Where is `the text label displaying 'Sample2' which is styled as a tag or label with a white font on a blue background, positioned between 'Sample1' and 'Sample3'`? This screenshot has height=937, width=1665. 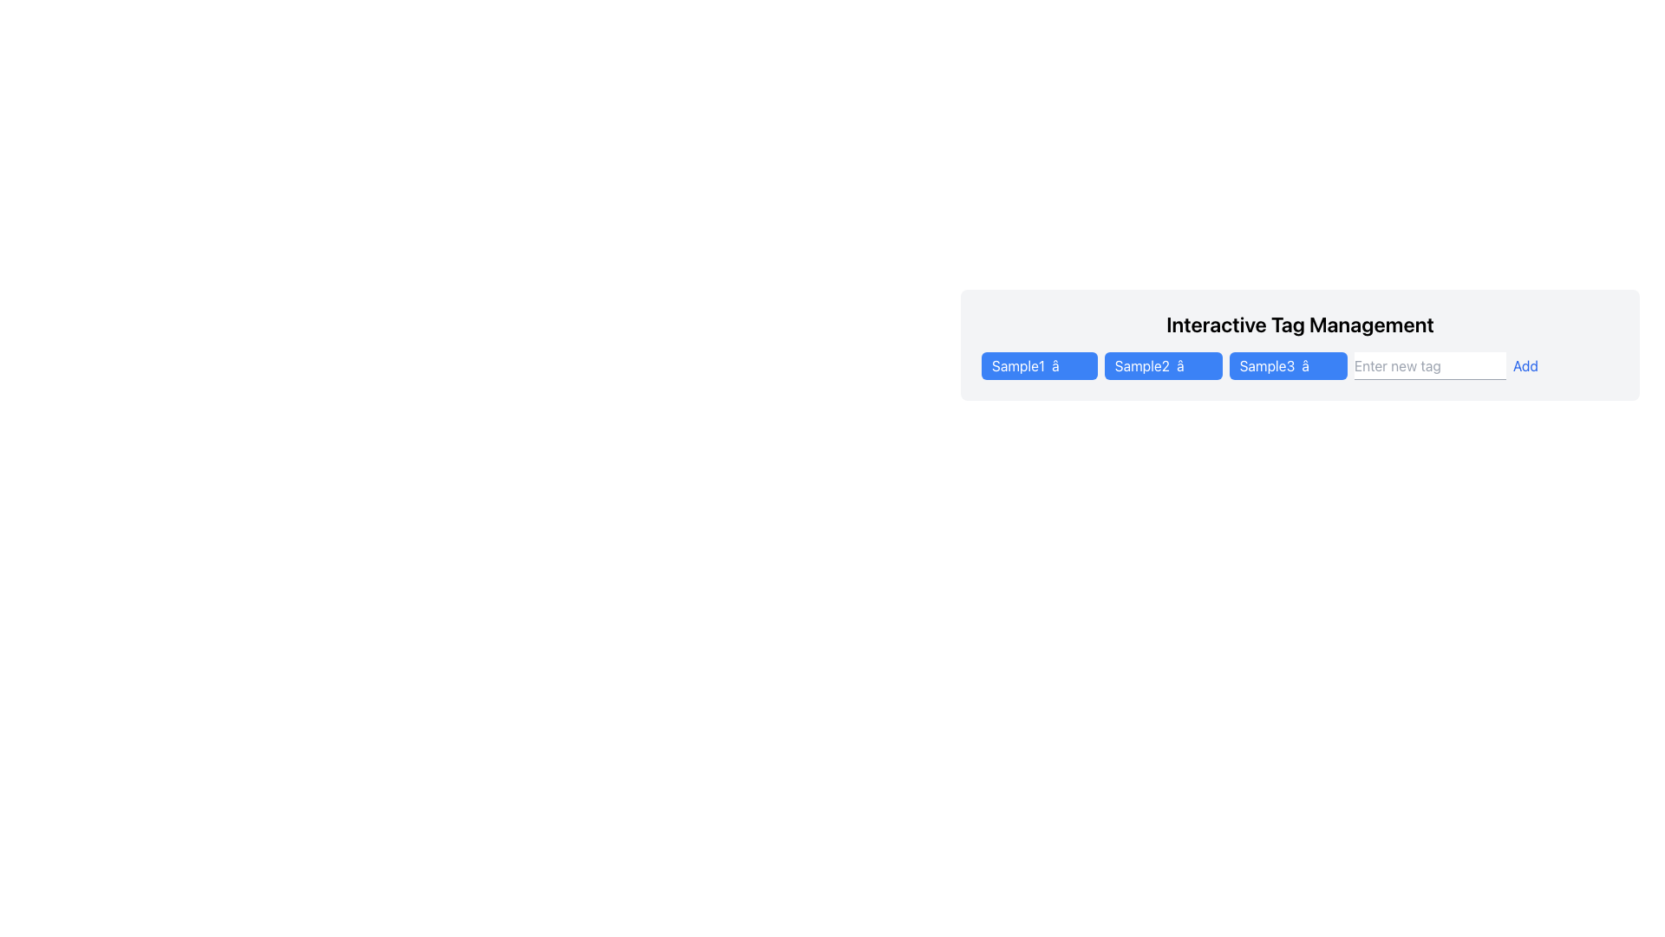
the text label displaying 'Sample2' which is styled as a tag or label with a white font on a blue background, positioned between 'Sample1' and 'Sample3' is located at coordinates (1142, 364).